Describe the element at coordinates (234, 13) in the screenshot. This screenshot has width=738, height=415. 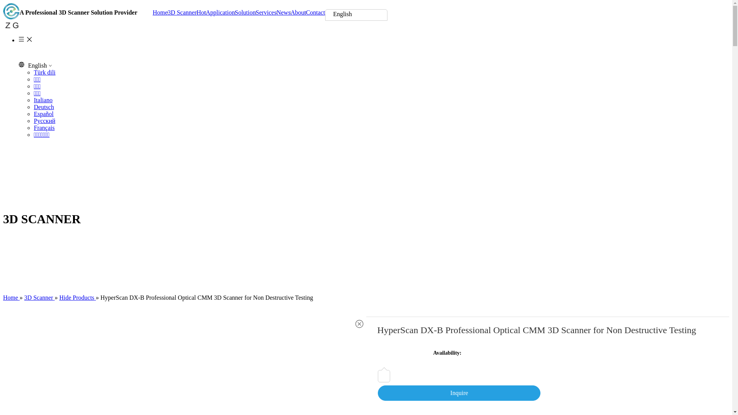
I see `'Solution'` at that location.